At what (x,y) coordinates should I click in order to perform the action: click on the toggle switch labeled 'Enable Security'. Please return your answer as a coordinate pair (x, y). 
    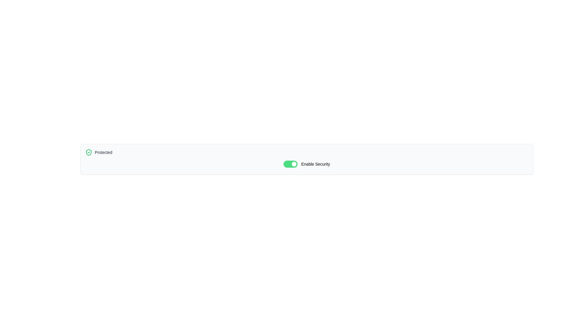
    Looking at the image, I should click on (306, 164).